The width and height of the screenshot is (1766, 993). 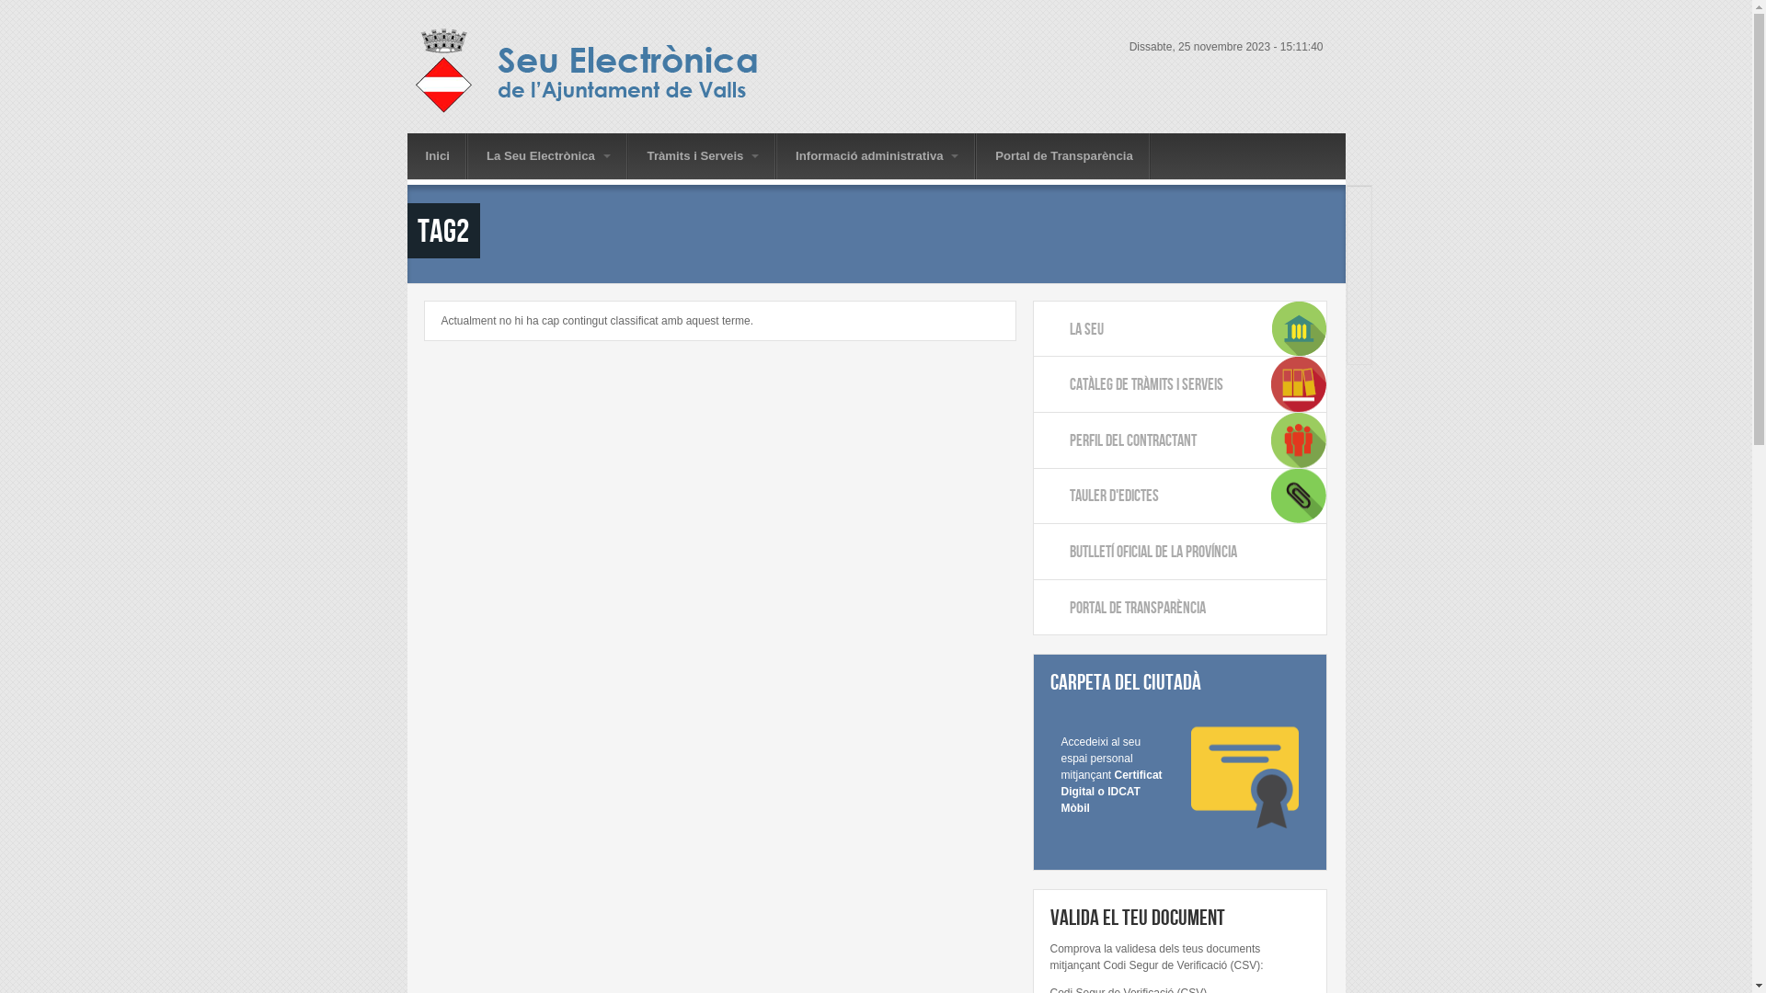 I want to click on 'La Seu', so click(x=1179, y=328).